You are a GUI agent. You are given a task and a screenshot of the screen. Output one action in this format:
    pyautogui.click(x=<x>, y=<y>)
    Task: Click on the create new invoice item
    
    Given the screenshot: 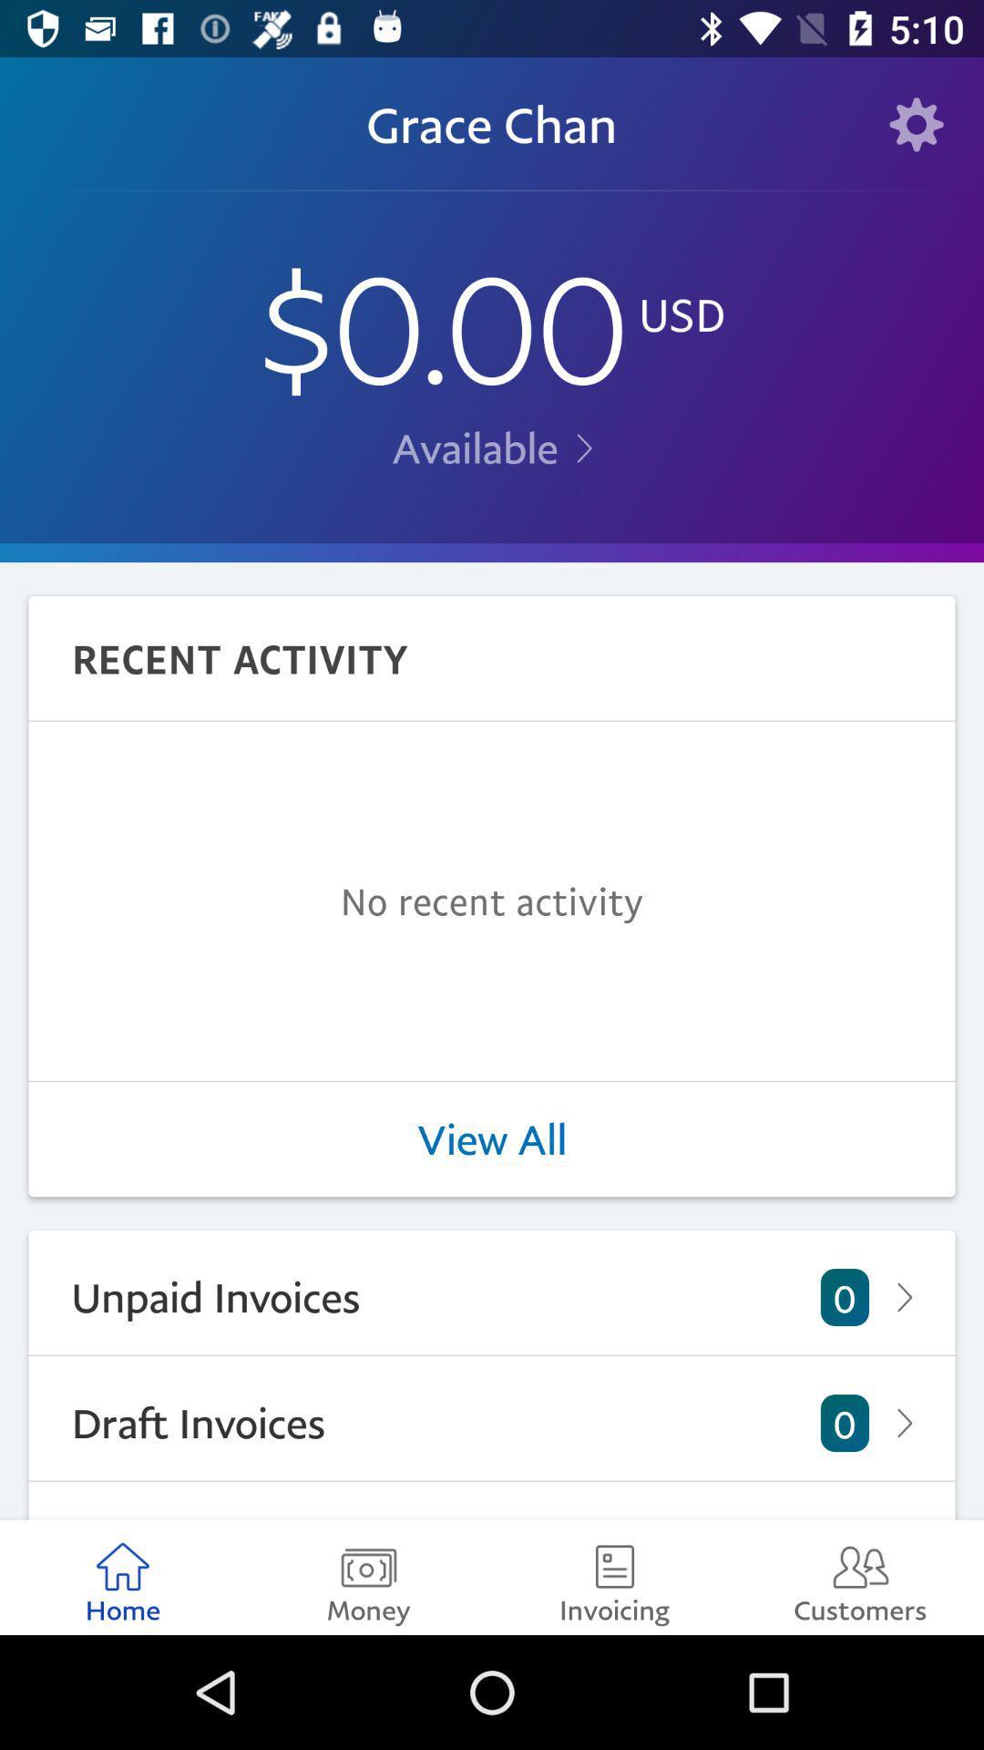 What is the action you would take?
    pyautogui.click(x=492, y=1500)
    